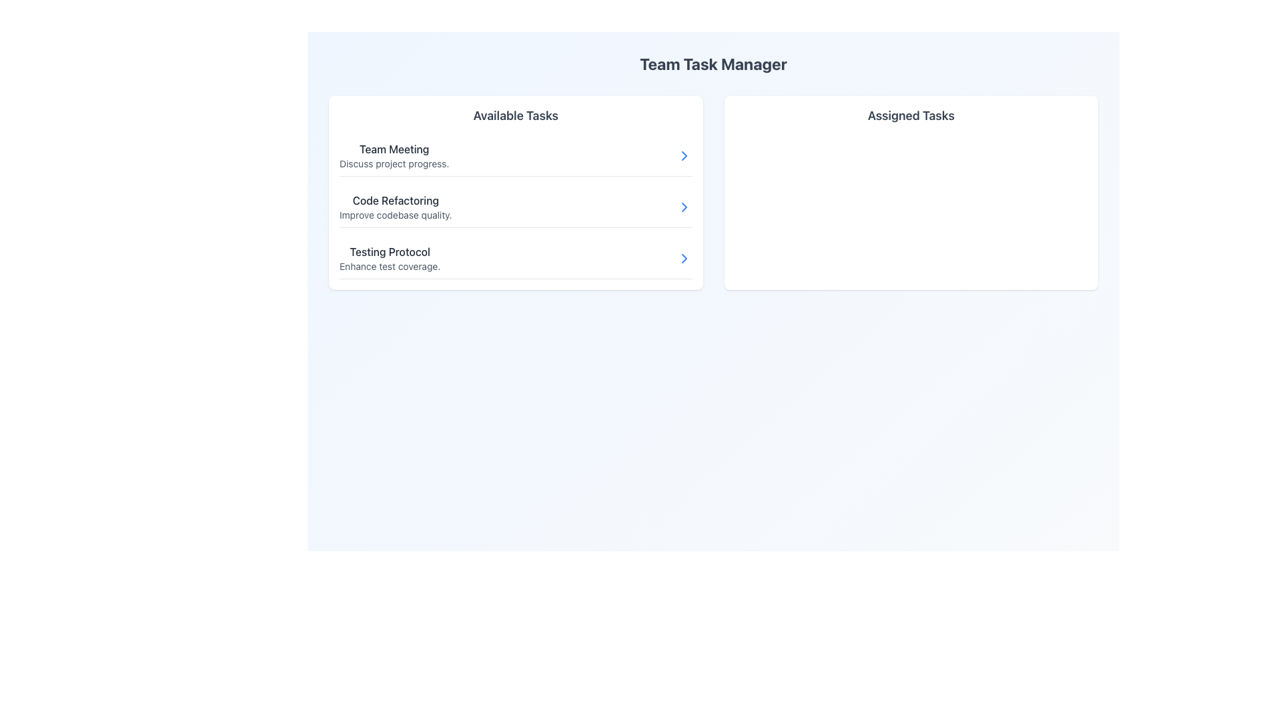 The image size is (1281, 720). Describe the element at coordinates (684, 207) in the screenshot. I see `the blue arrow icon button located at the far-right side of the 'Code Refactoring' task row in the 'Available Tasks' section` at that location.